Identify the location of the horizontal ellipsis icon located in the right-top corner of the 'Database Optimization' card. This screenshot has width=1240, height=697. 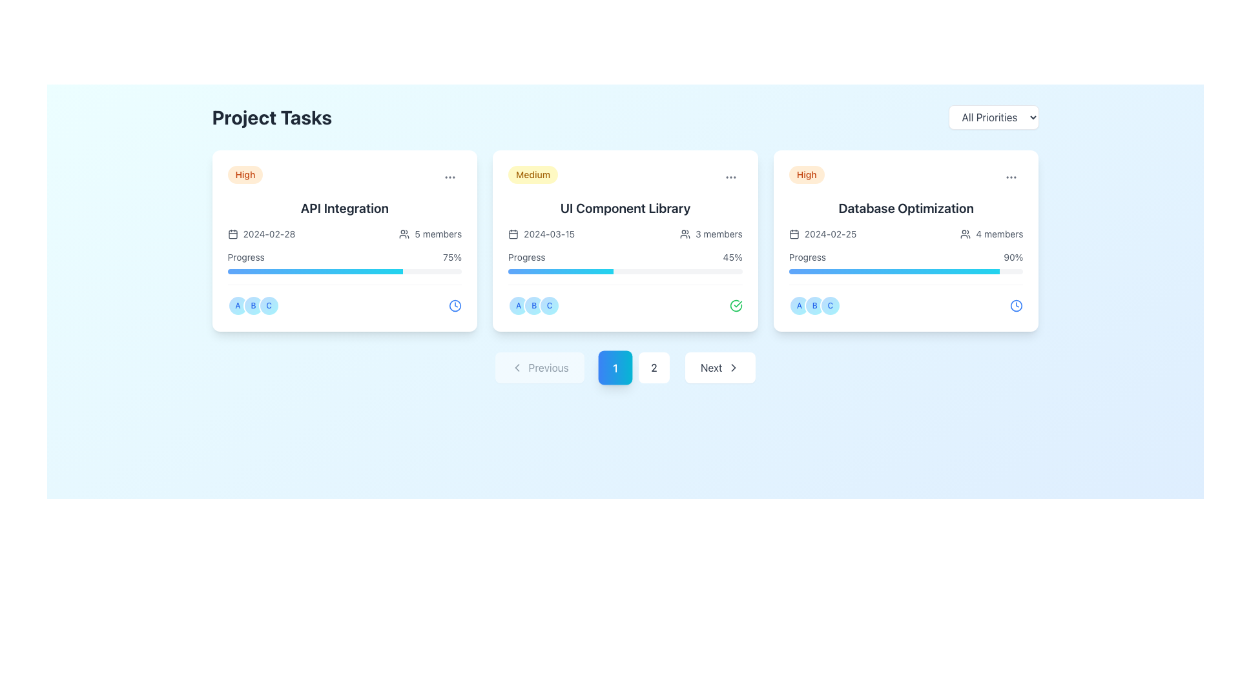
(1011, 177).